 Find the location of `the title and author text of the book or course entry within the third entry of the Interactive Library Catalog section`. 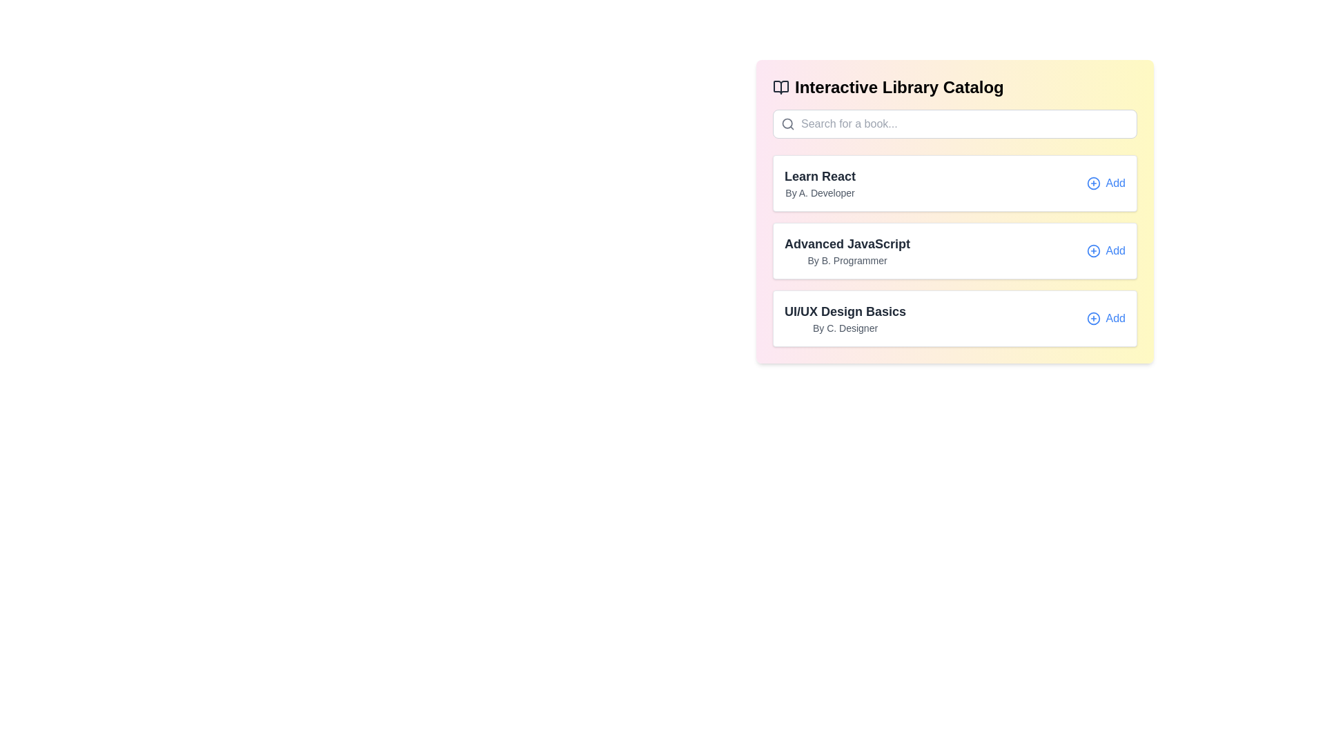

the title and author text of the book or course entry within the third entry of the Interactive Library Catalog section is located at coordinates (844, 319).